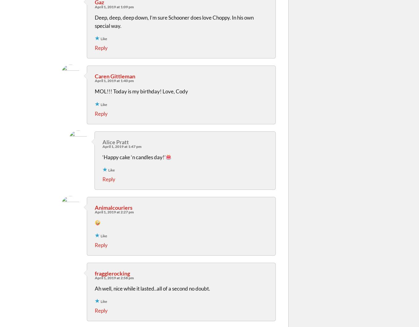 This screenshot has width=419, height=327. I want to click on 'fragglerocking', so click(112, 272).